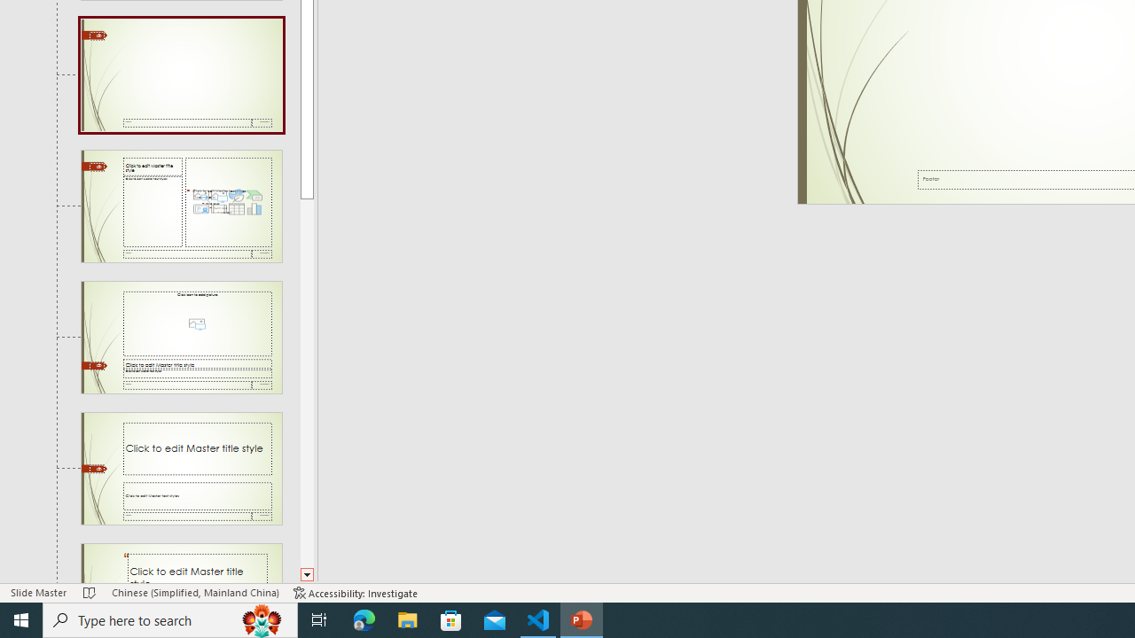 This screenshot has height=638, width=1135. Describe the element at coordinates (181, 467) in the screenshot. I see `'Slide Title and Caption Layout: used by no slides'` at that location.